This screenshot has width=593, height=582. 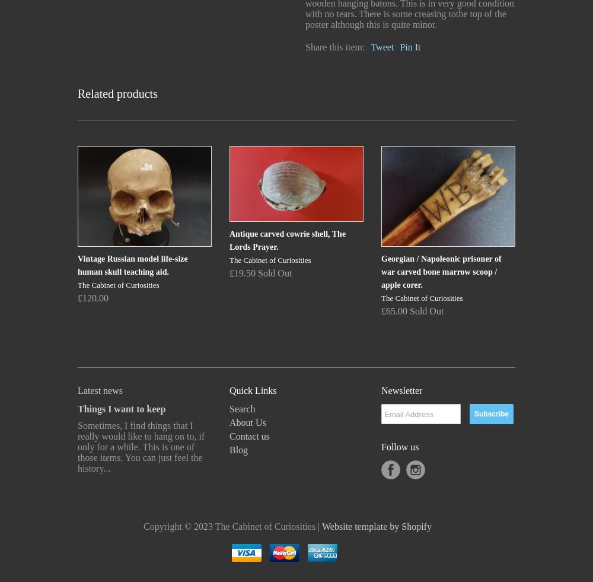 I want to click on 'Share this item:', so click(x=334, y=46).